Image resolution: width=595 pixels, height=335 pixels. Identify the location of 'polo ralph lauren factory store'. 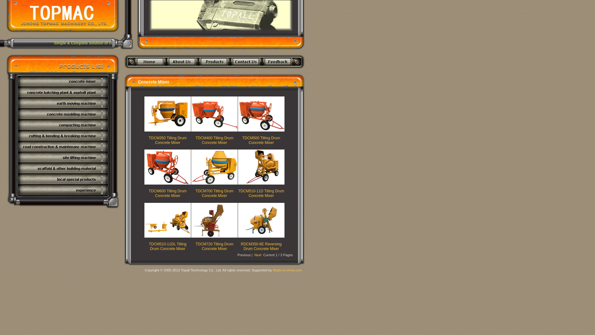
(268, 71).